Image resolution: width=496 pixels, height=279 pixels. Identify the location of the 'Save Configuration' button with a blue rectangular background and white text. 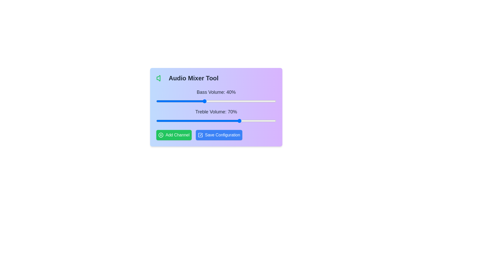
(216, 135).